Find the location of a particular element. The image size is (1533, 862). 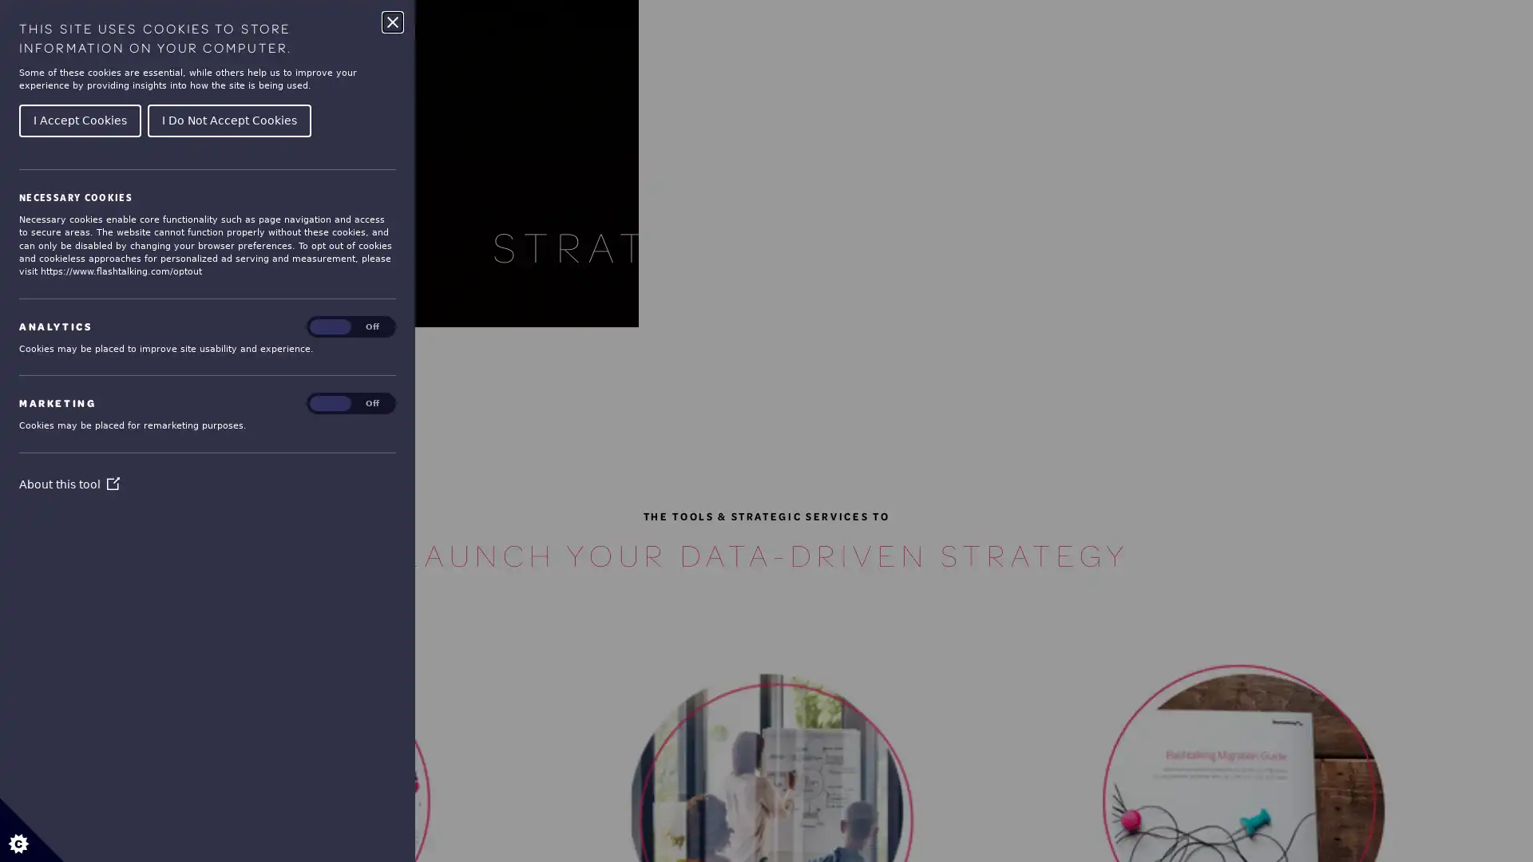

I Accept Cookies is located at coordinates (79, 119).